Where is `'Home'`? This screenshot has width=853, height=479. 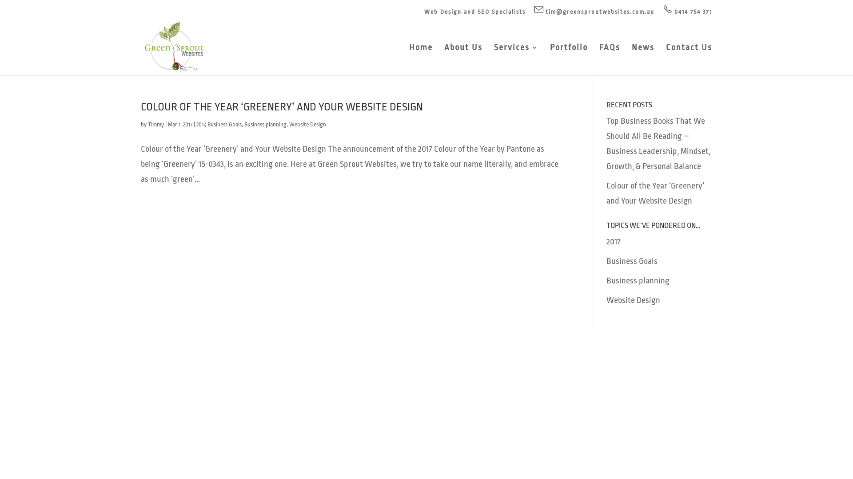
'Home' is located at coordinates (420, 60).